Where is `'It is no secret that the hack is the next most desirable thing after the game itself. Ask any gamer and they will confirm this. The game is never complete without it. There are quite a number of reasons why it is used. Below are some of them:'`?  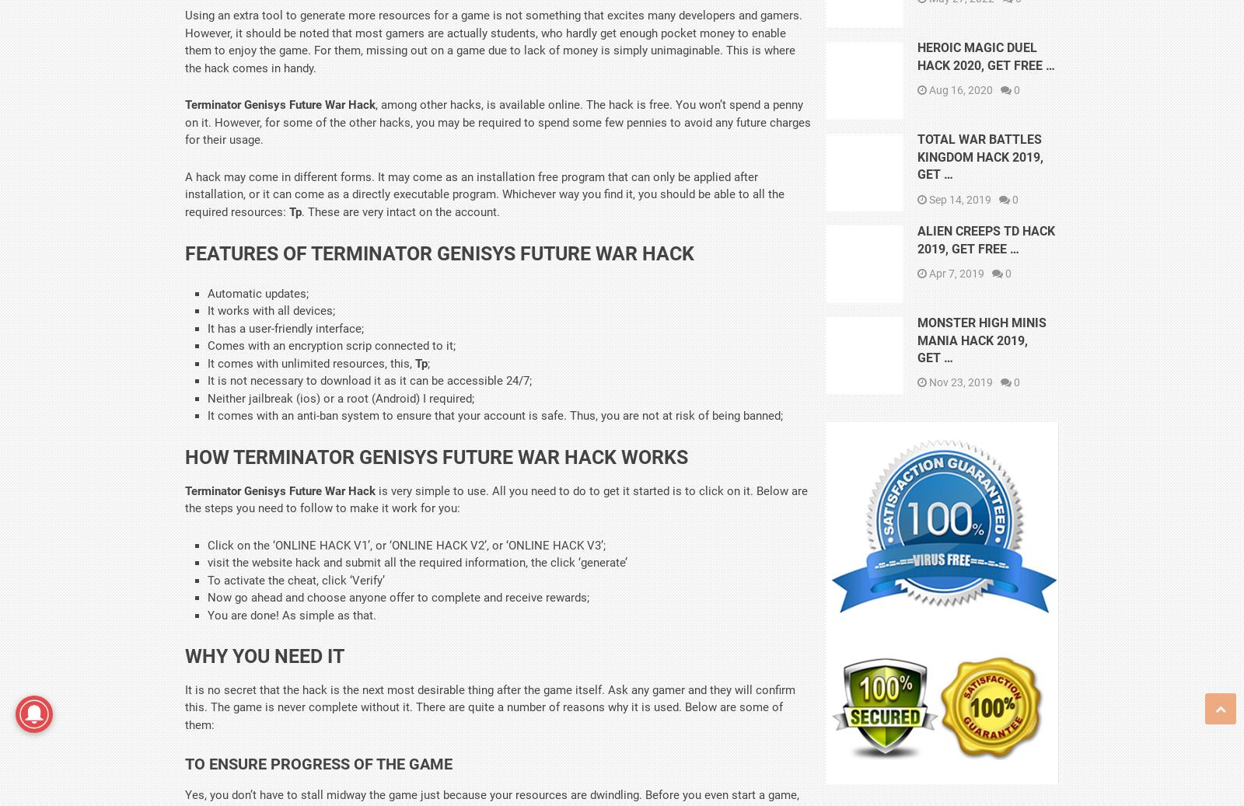 'It is no secret that the hack is the next most desirable thing after the game itself. Ask any gamer and they will confirm this. The game is never complete without it. There are quite a number of reasons why it is used. Below are some of them:' is located at coordinates (490, 707).